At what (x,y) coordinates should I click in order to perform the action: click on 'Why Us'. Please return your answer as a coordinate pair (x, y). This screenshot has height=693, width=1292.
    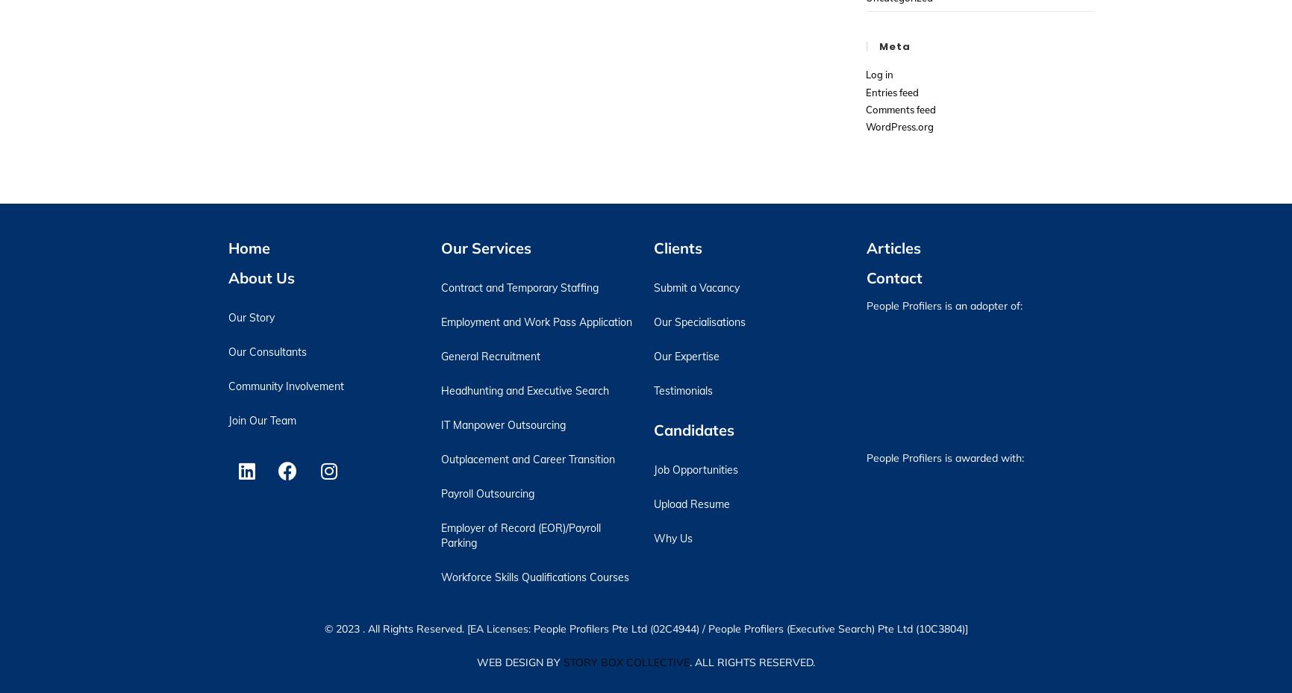
    Looking at the image, I should click on (671, 537).